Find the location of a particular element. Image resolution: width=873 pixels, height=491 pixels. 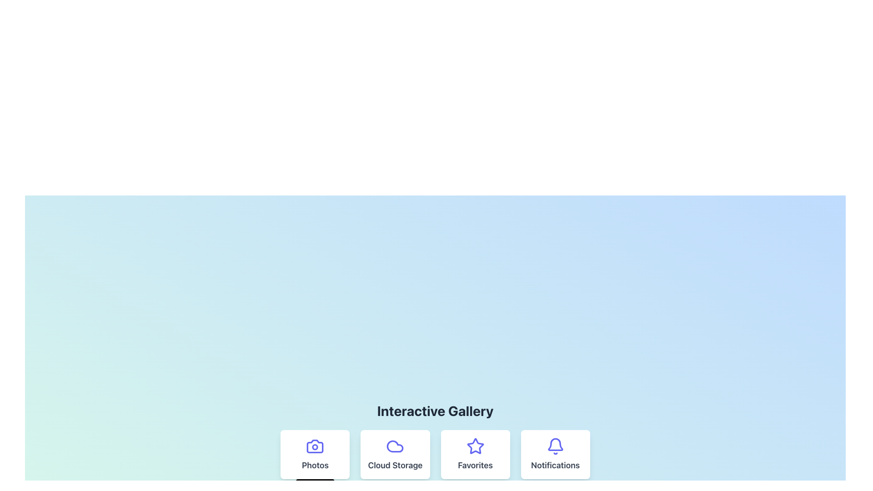

the 'Favorites' button-like interactive card, which is the third card in a horizontal row of four cards is located at coordinates (475, 454).